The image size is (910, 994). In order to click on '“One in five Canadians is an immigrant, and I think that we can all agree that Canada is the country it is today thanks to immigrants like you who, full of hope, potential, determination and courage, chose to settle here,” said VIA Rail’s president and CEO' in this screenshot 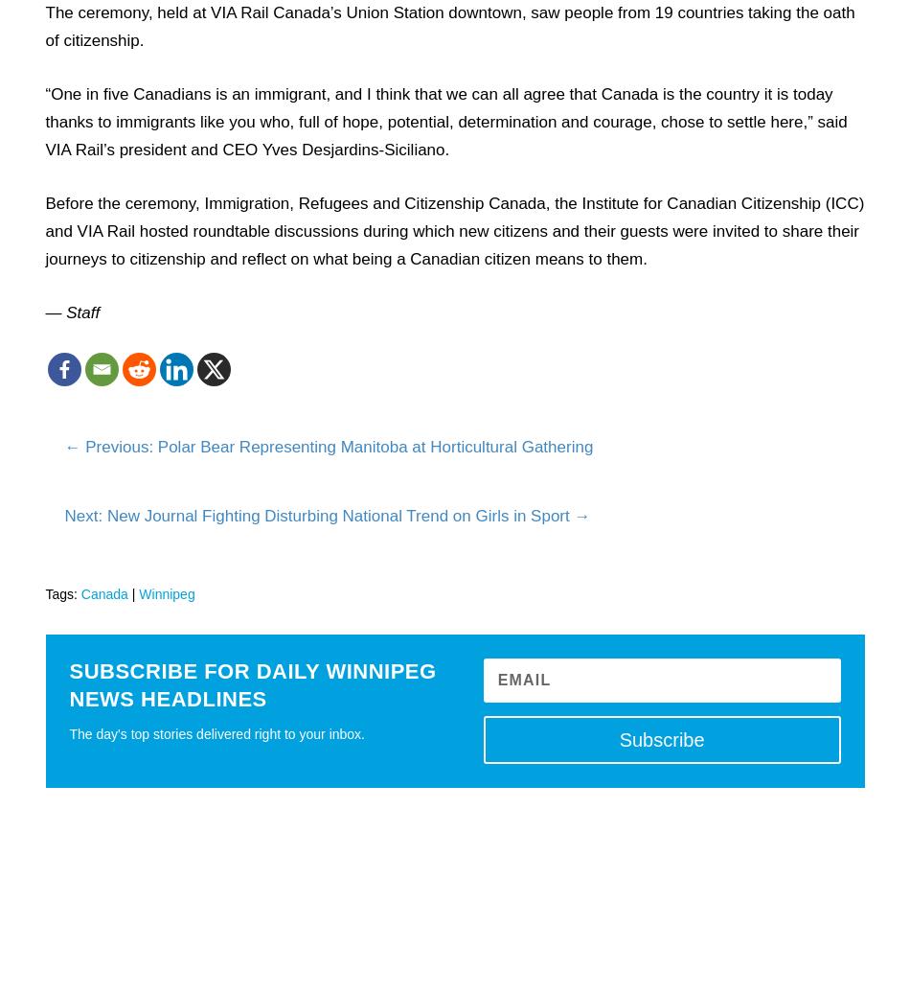, I will do `click(444, 120)`.